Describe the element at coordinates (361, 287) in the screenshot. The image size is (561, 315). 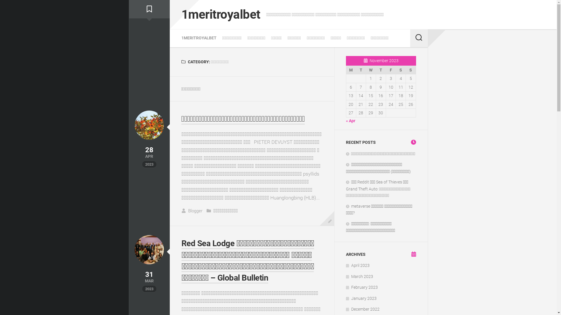
I see `'February 2023'` at that location.